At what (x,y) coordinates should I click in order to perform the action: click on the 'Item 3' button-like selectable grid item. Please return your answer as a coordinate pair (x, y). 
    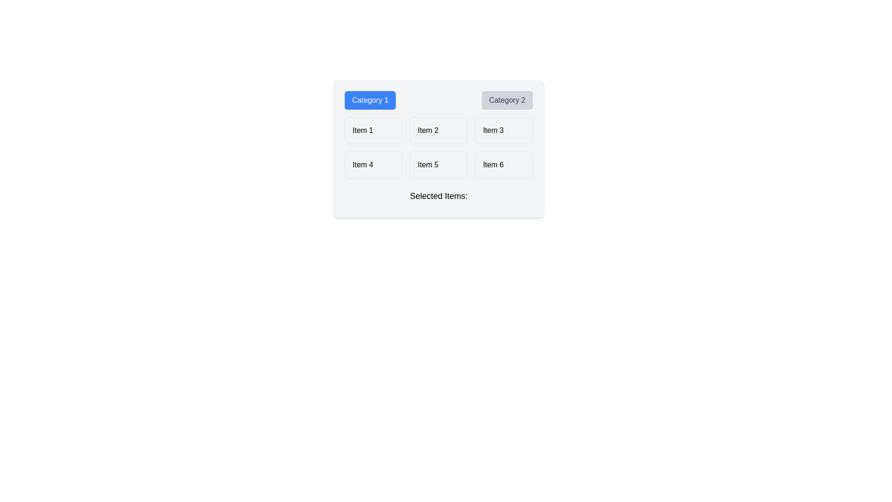
    Looking at the image, I should click on (503, 131).